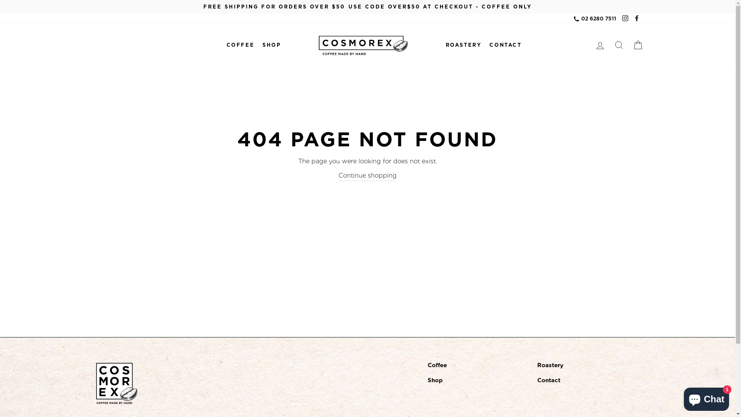  What do you see at coordinates (435, 380) in the screenshot?
I see `'Shop'` at bounding box center [435, 380].